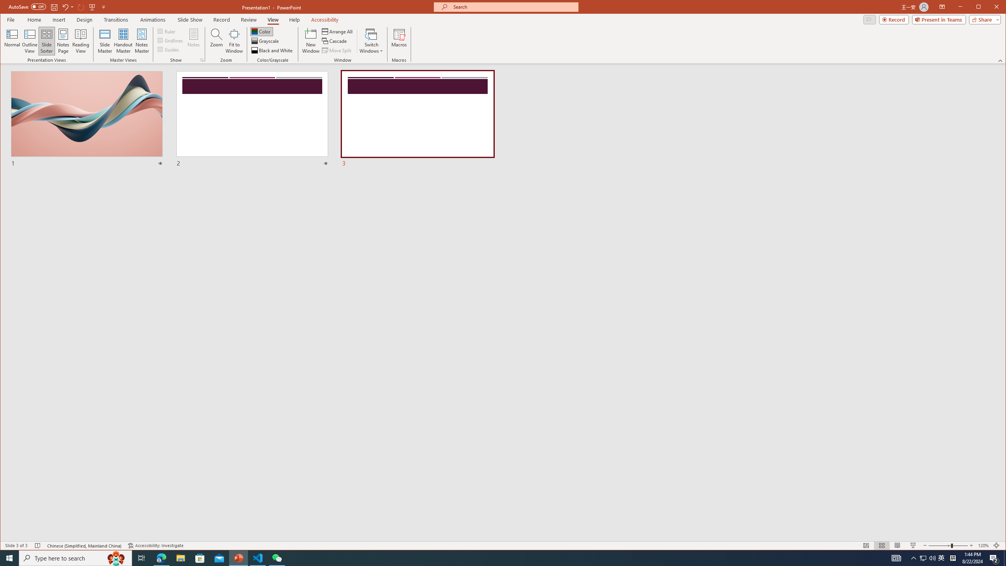 This screenshot has width=1006, height=566. I want to click on 'Slide Master', so click(104, 40).